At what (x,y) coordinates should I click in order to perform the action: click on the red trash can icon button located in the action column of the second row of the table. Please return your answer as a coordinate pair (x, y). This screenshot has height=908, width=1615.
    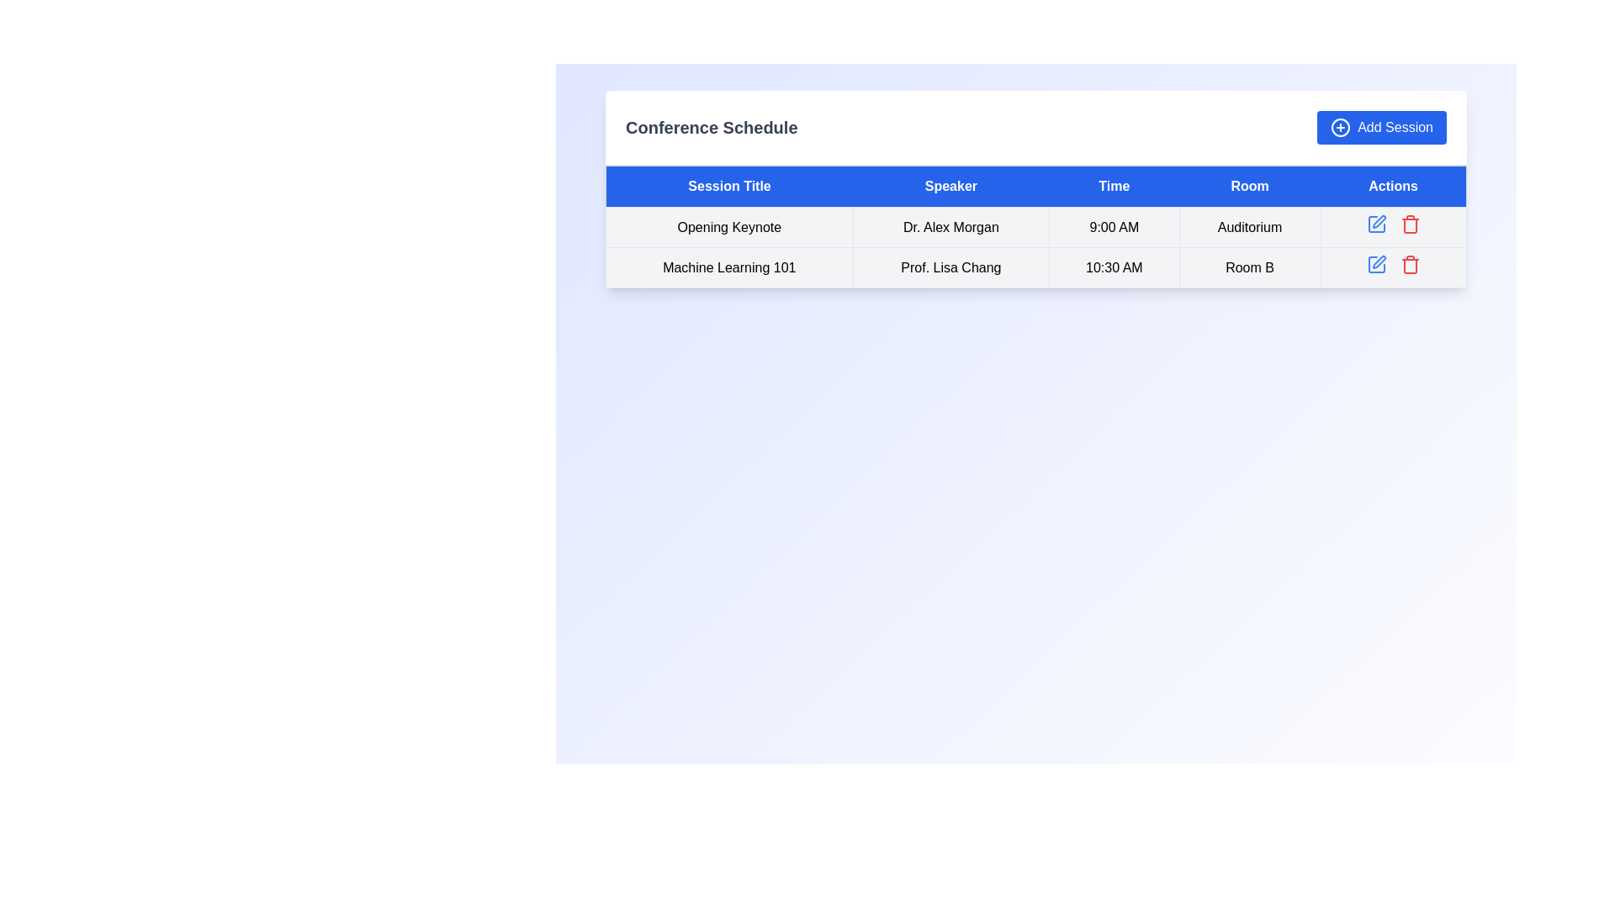
    Looking at the image, I should click on (1410, 223).